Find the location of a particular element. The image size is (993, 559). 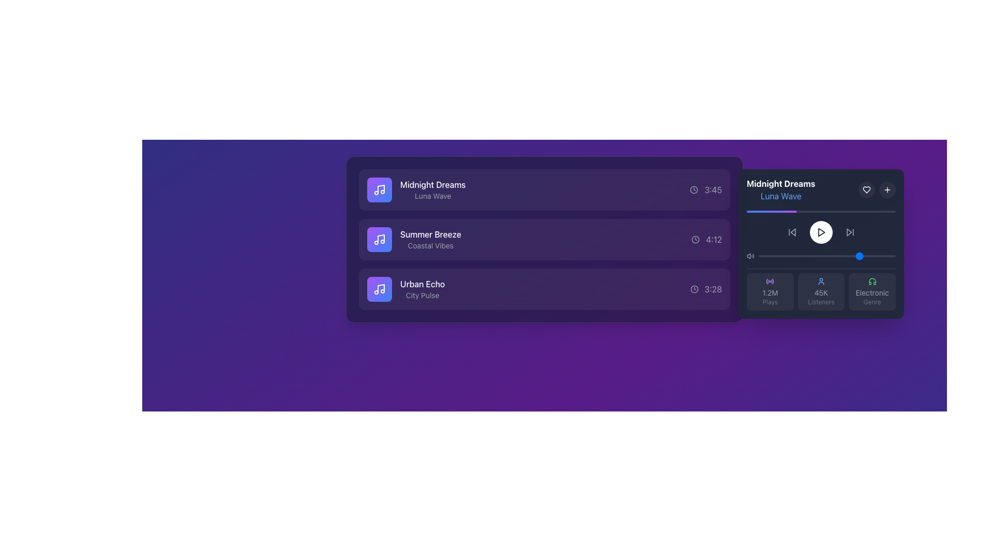

the small heart-shaped icon with a stroke outline, located in the top-right section of the dark-themed information panel, next to the title 'Midnight Dreams' is located at coordinates (866, 189).